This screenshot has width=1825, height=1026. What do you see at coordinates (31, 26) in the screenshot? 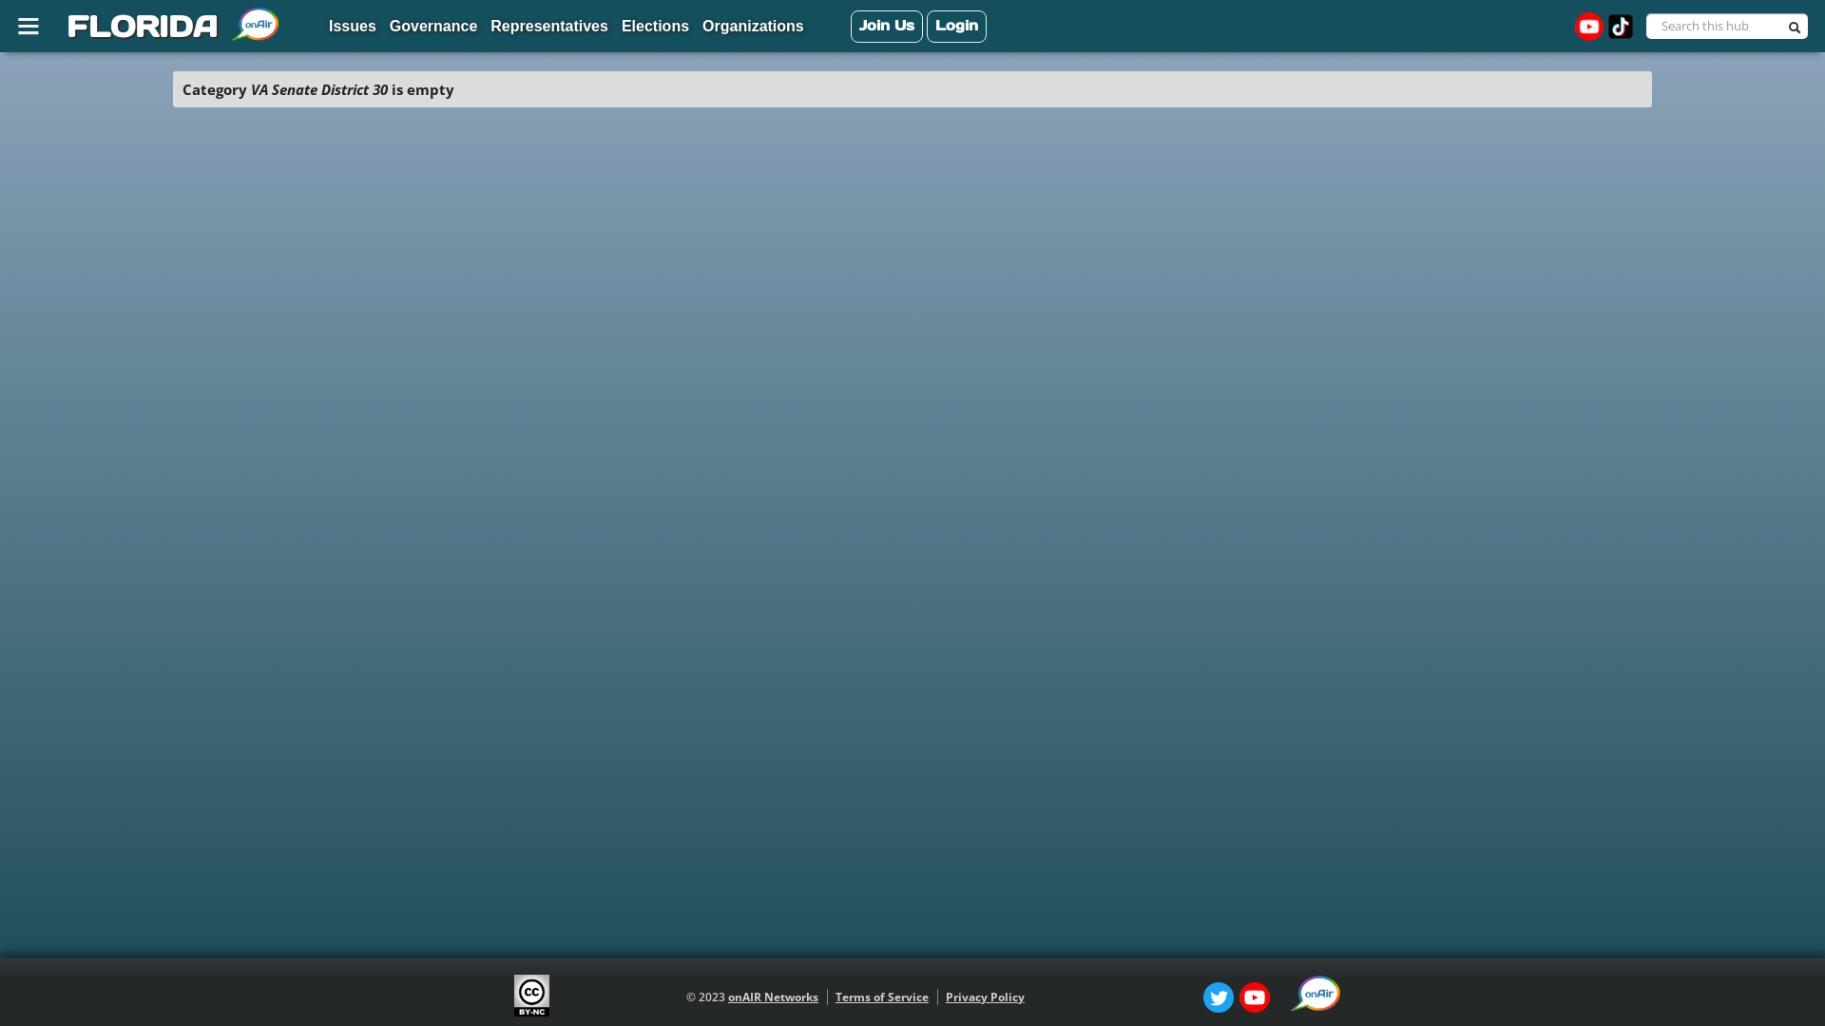
I see `'Site Map'` at bounding box center [31, 26].